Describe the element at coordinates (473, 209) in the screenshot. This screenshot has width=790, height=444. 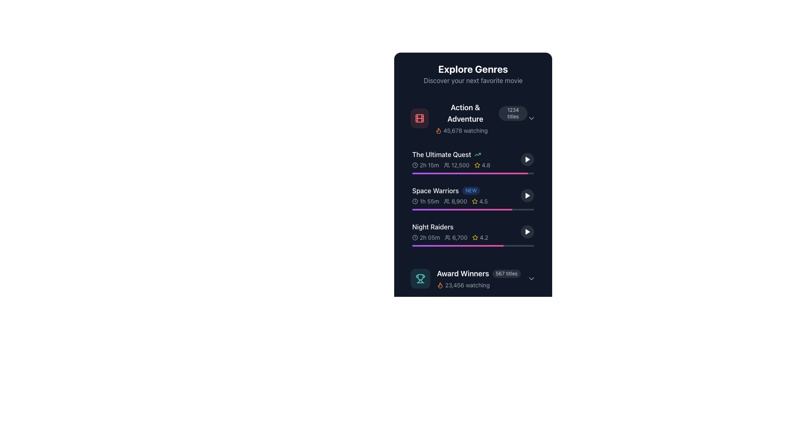
I see `the visual representation of the Progress bar located within the 'Space Warriors' card, which is the second item in a vertical list, positioned below the associated numerical and textual information` at that location.